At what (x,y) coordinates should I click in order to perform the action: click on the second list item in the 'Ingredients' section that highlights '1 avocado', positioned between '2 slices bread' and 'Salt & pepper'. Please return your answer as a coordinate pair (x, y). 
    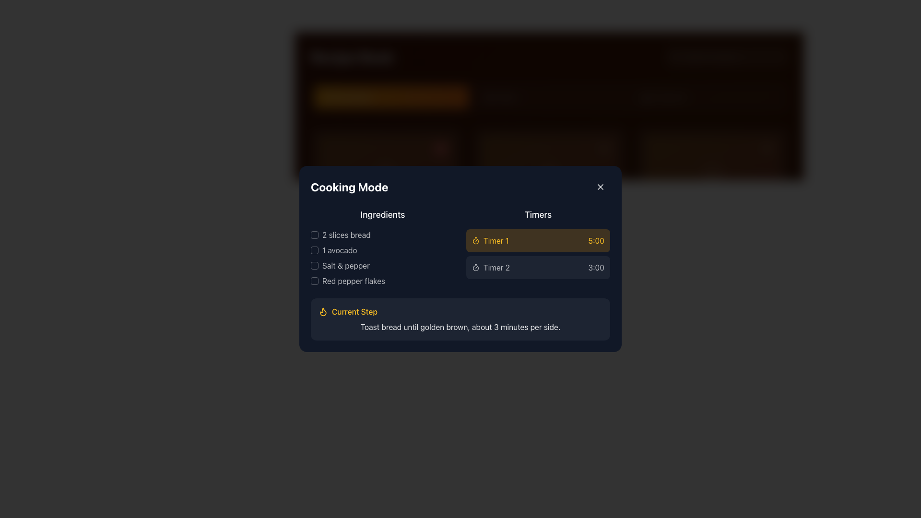
    Looking at the image, I should click on (382, 249).